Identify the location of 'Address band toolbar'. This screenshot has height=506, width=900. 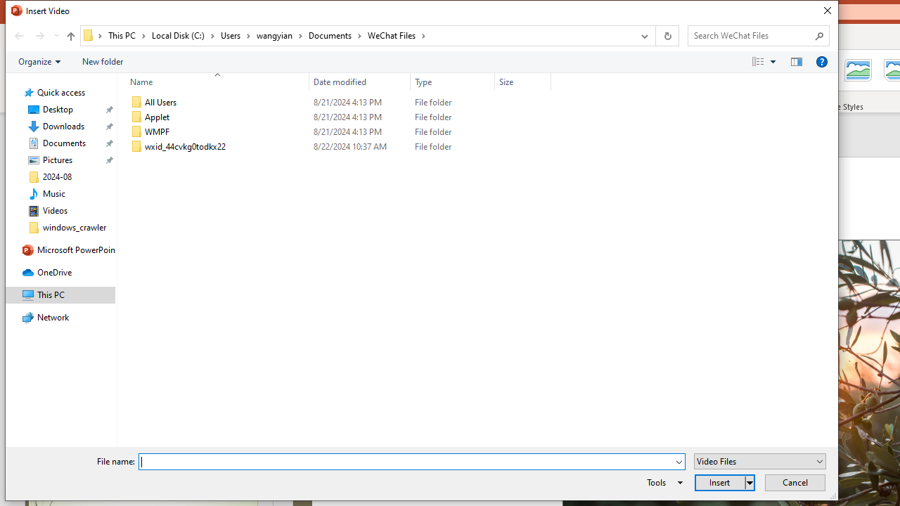
(654, 35).